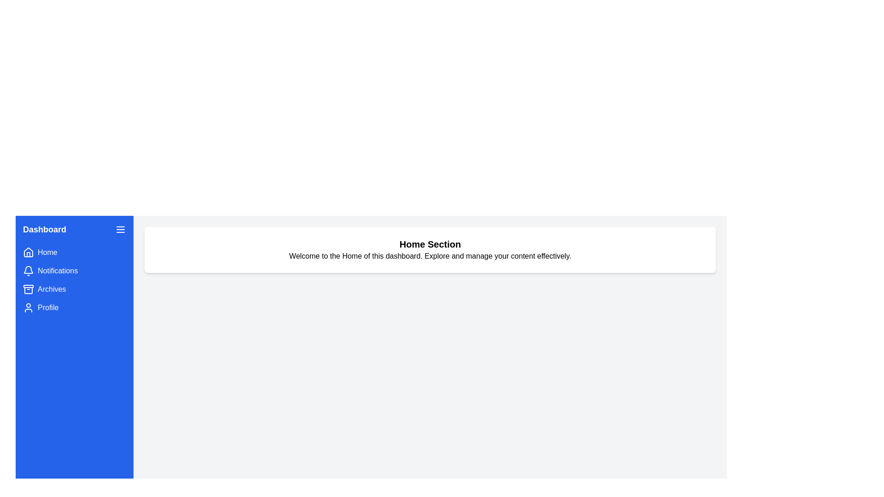 The image size is (884, 497). Describe the element at coordinates (47, 252) in the screenshot. I see `the 'Home' navigation label located in the left-hand sidebar, positioned below the 'Dashboard' header and next to the house icon` at that location.